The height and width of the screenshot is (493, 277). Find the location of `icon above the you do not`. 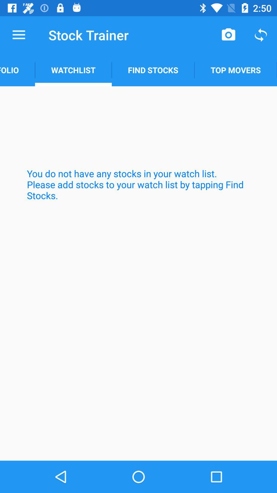

icon above the you do not is located at coordinates (236, 70).